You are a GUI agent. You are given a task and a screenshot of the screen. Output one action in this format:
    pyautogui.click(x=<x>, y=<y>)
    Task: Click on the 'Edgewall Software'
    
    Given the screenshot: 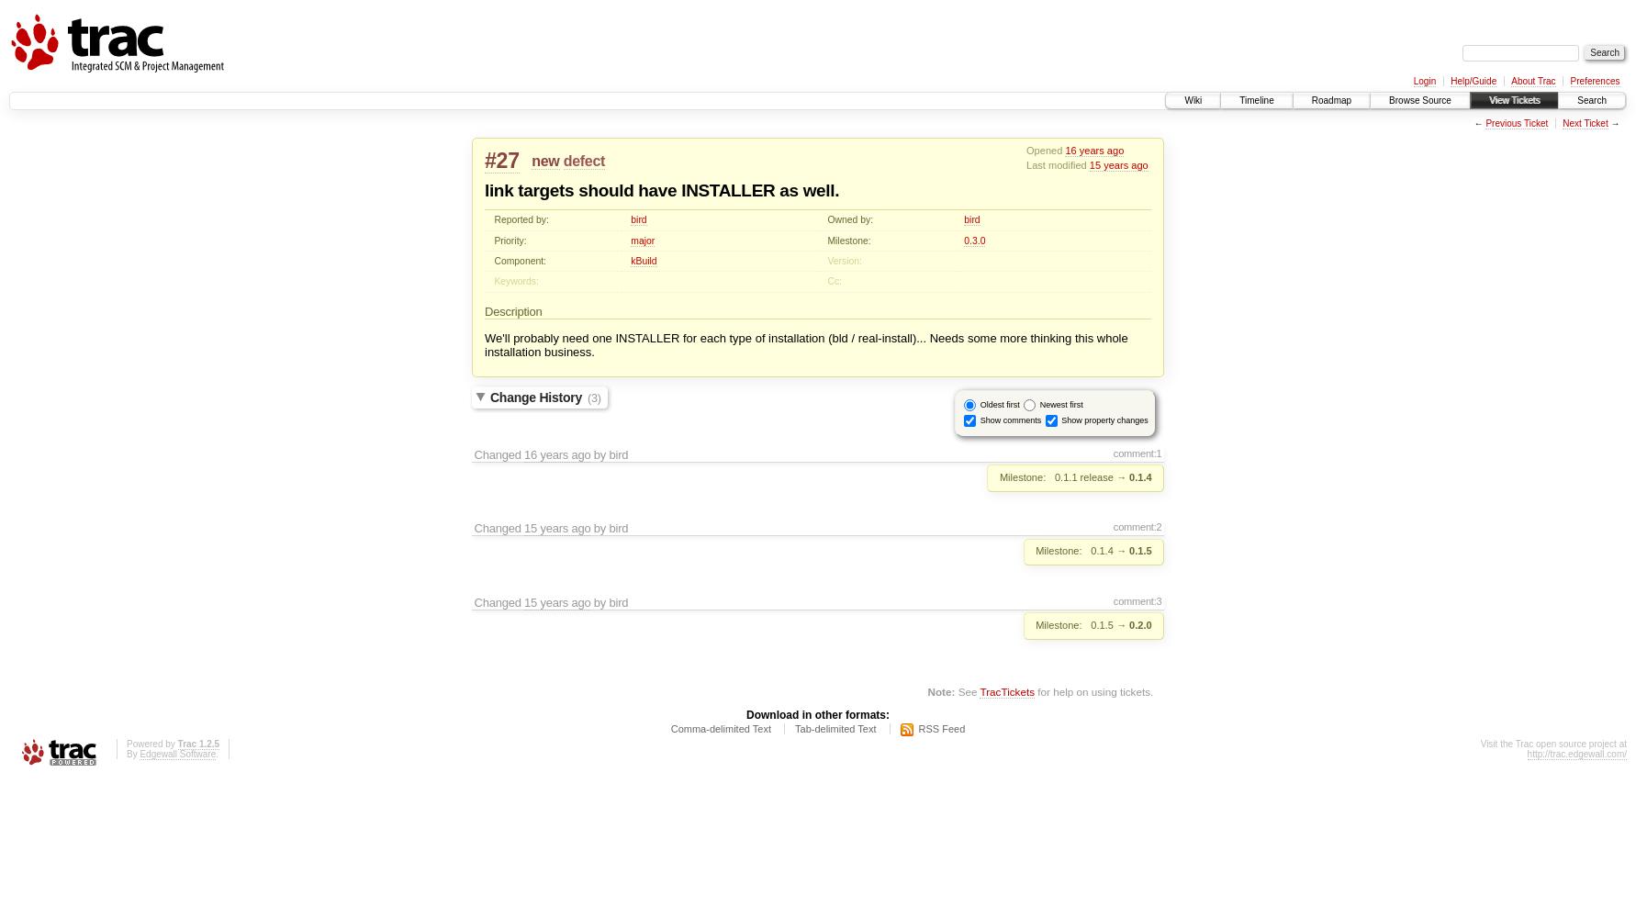 What is the action you would take?
    pyautogui.click(x=177, y=753)
    